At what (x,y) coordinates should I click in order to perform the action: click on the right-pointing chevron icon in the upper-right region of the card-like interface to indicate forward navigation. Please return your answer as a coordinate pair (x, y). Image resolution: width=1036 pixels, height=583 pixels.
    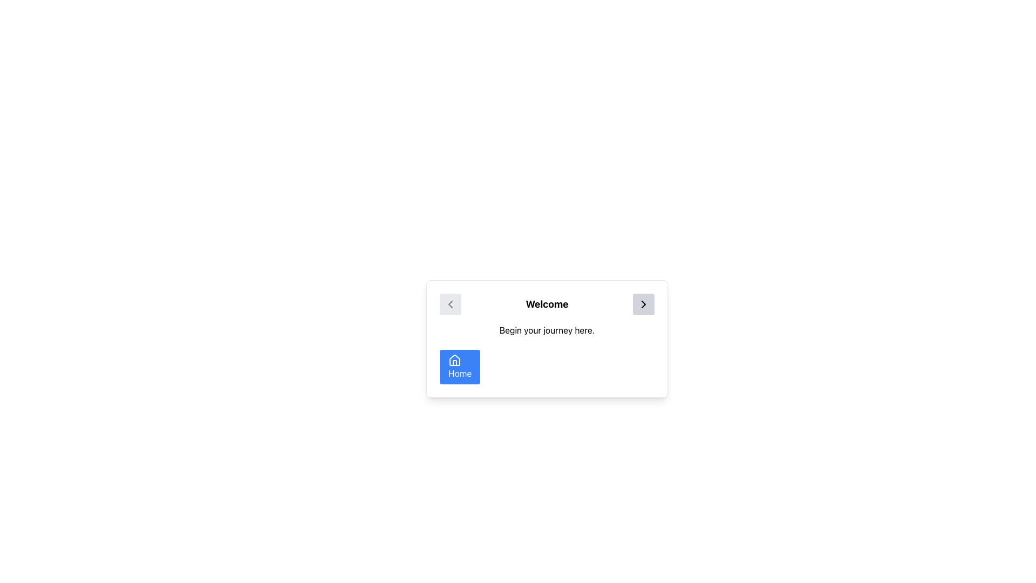
    Looking at the image, I should click on (643, 304).